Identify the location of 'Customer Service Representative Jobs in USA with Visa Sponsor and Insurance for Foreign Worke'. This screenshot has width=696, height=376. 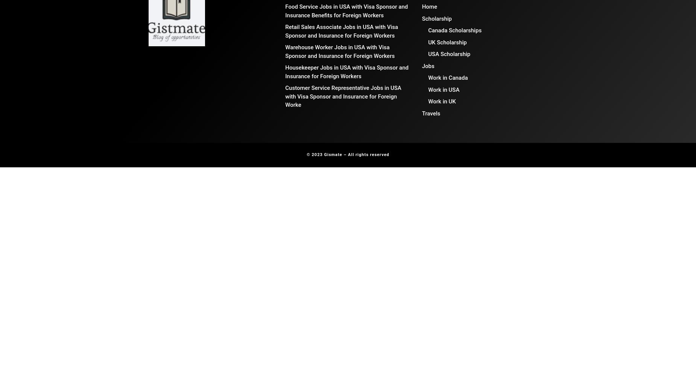
(343, 96).